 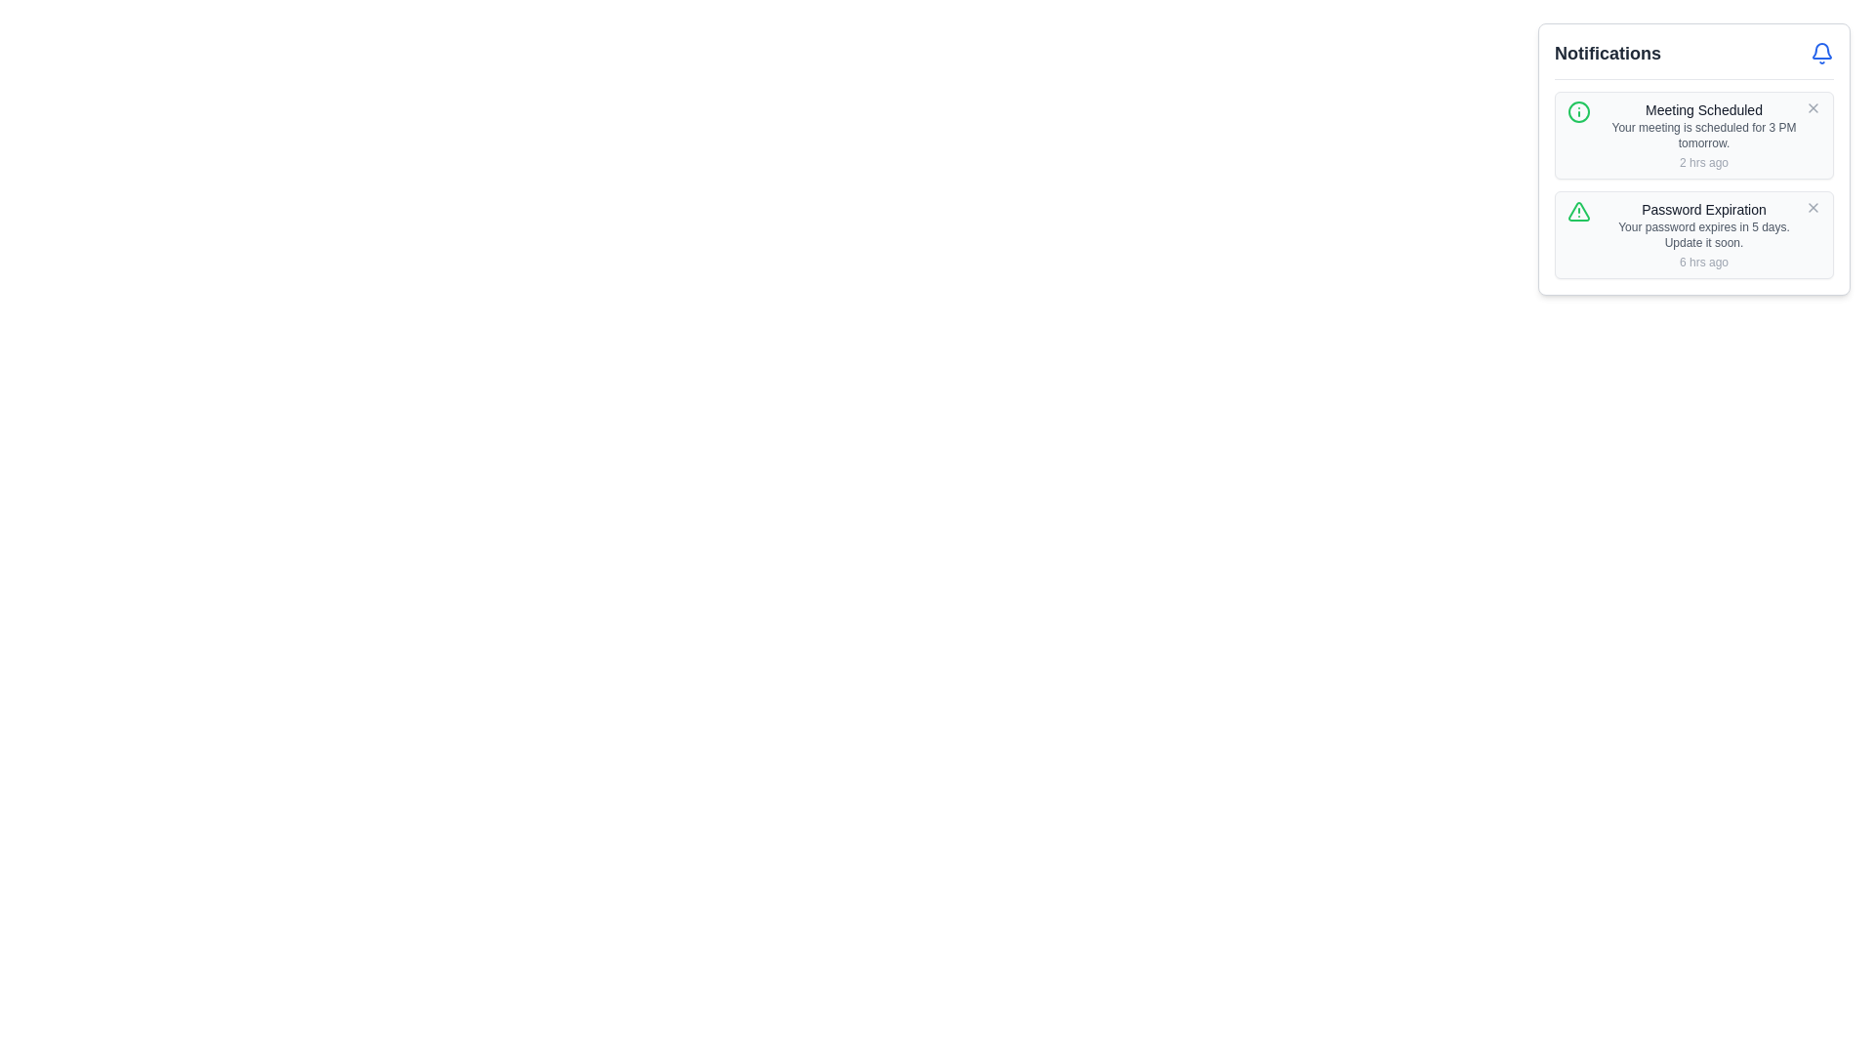 I want to click on the timestamp text element that indicates how long ago the associated notification was created, located beneath the notification titled 'Meeting Scheduled.', so click(x=1703, y=161).